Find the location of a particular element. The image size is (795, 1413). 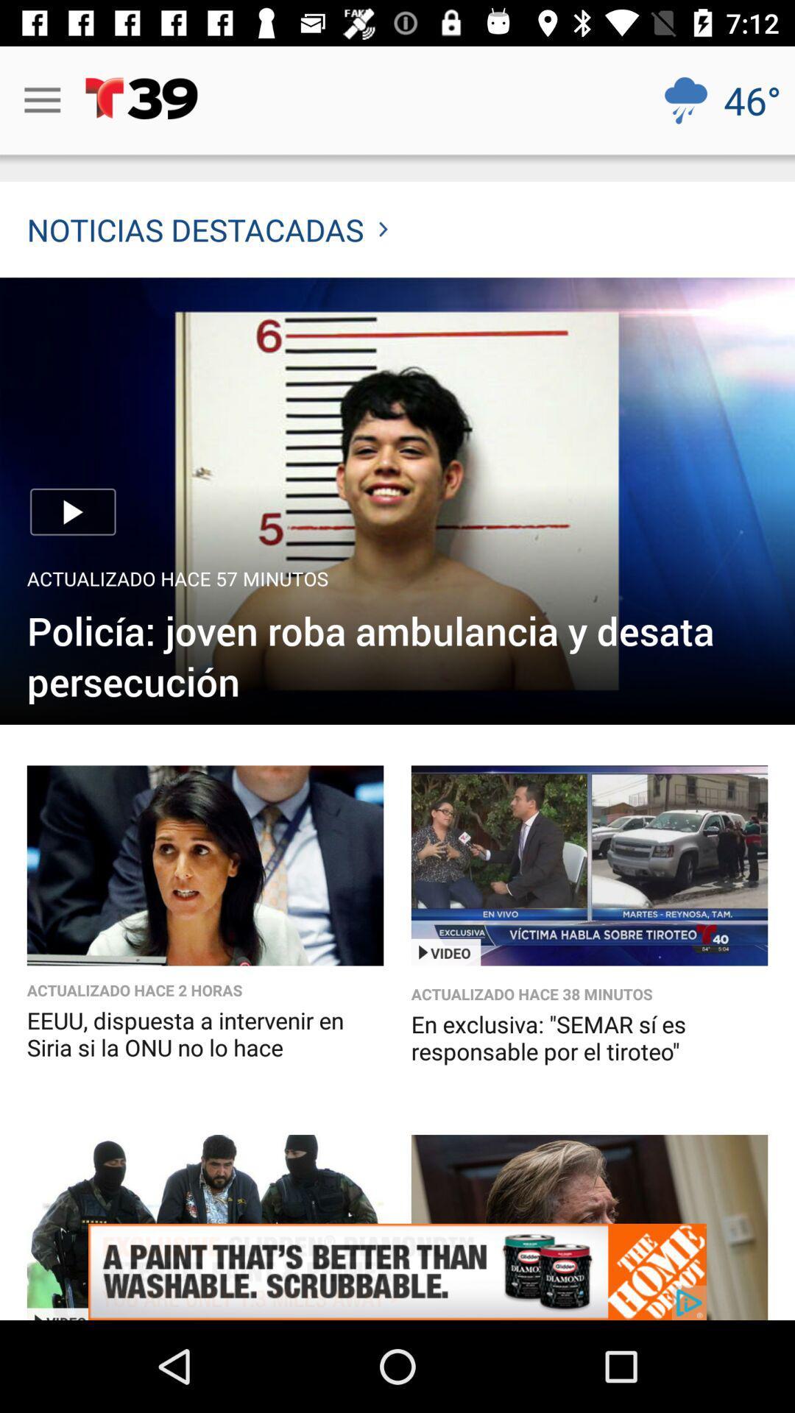

the noticias destacadas icon is located at coordinates (207, 229).